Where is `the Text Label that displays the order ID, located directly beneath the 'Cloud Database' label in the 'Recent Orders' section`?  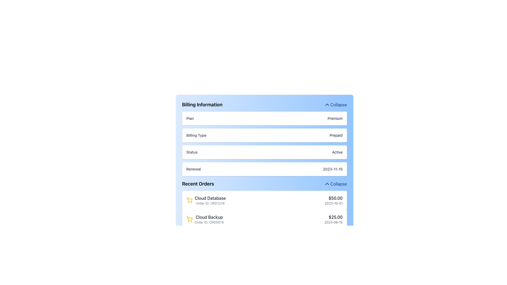
the Text Label that displays the order ID, located directly beneath the 'Cloud Database' label in the 'Recent Orders' section is located at coordinates (210, 203).